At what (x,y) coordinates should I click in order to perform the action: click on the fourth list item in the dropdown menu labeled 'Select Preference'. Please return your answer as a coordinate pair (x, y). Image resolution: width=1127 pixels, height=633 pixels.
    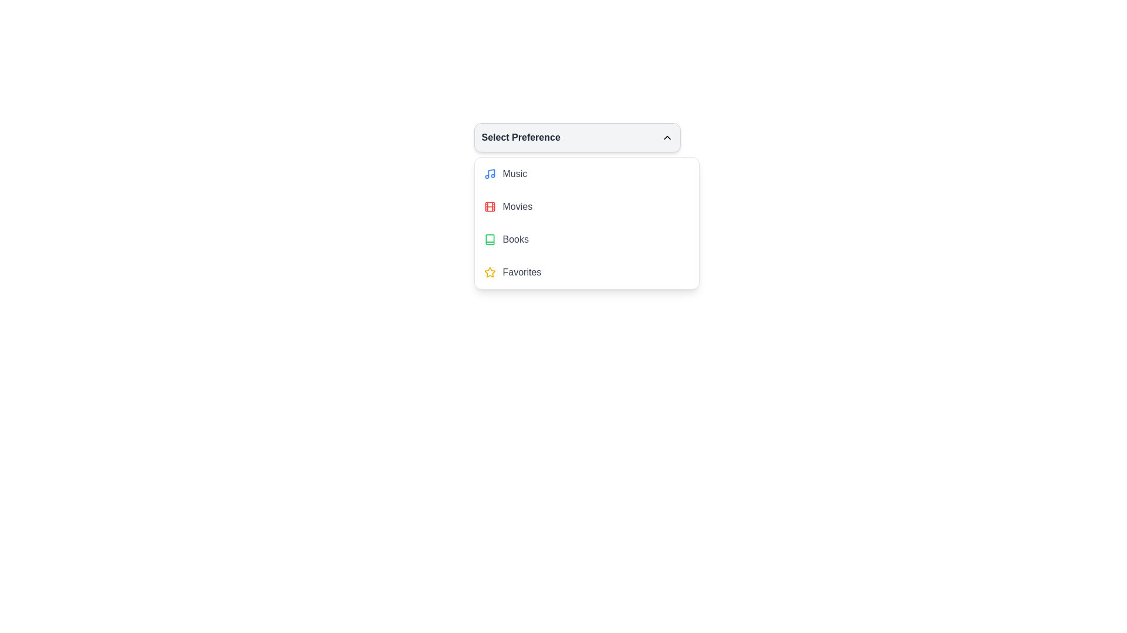
    Looking at the image, I should click on (586, 273).